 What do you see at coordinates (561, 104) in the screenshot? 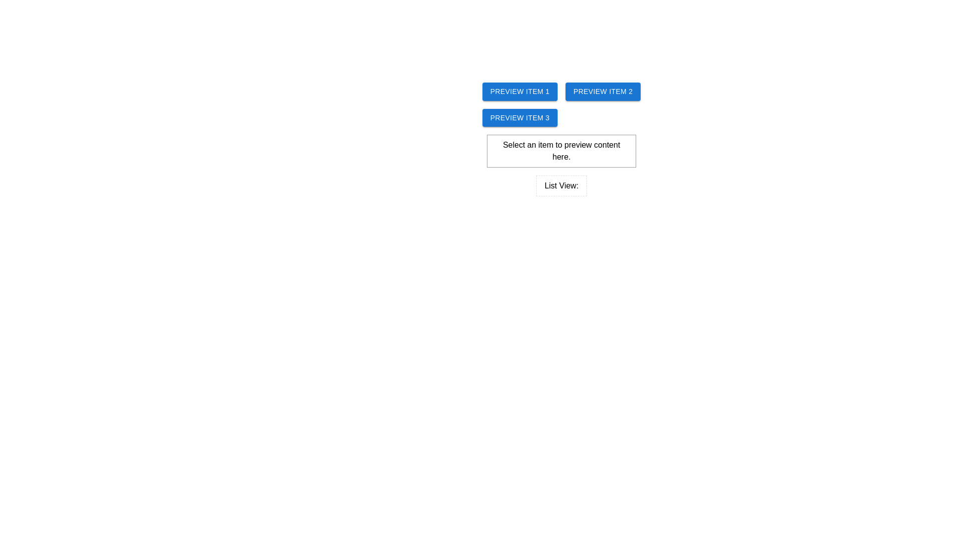
I see `the interactive button labeled 'Preview Item 1'` at bounding box center [561, 104].